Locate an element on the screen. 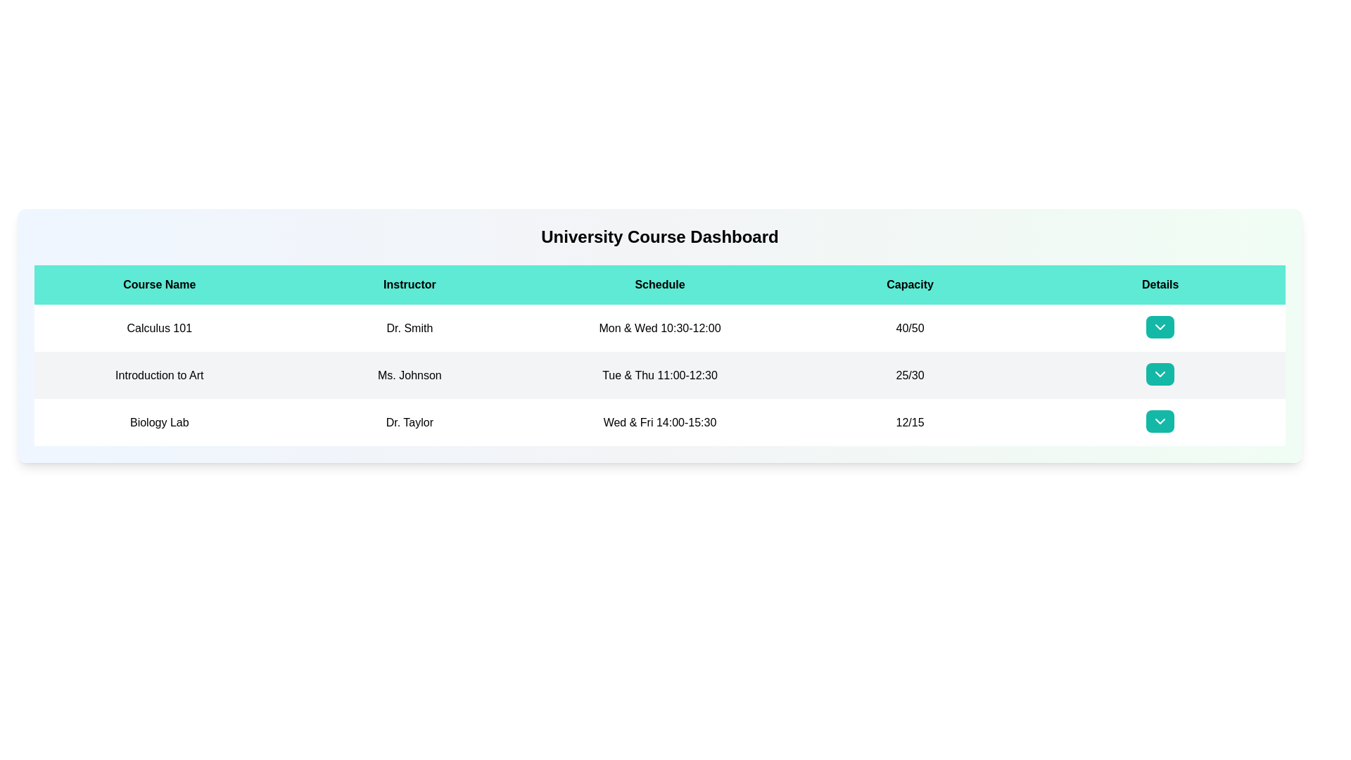 Image resolution: width=1351 pixels, height=760 pixels. the chevron icon in the 'Details' column of the second row is located at coordinates (1160, 374).